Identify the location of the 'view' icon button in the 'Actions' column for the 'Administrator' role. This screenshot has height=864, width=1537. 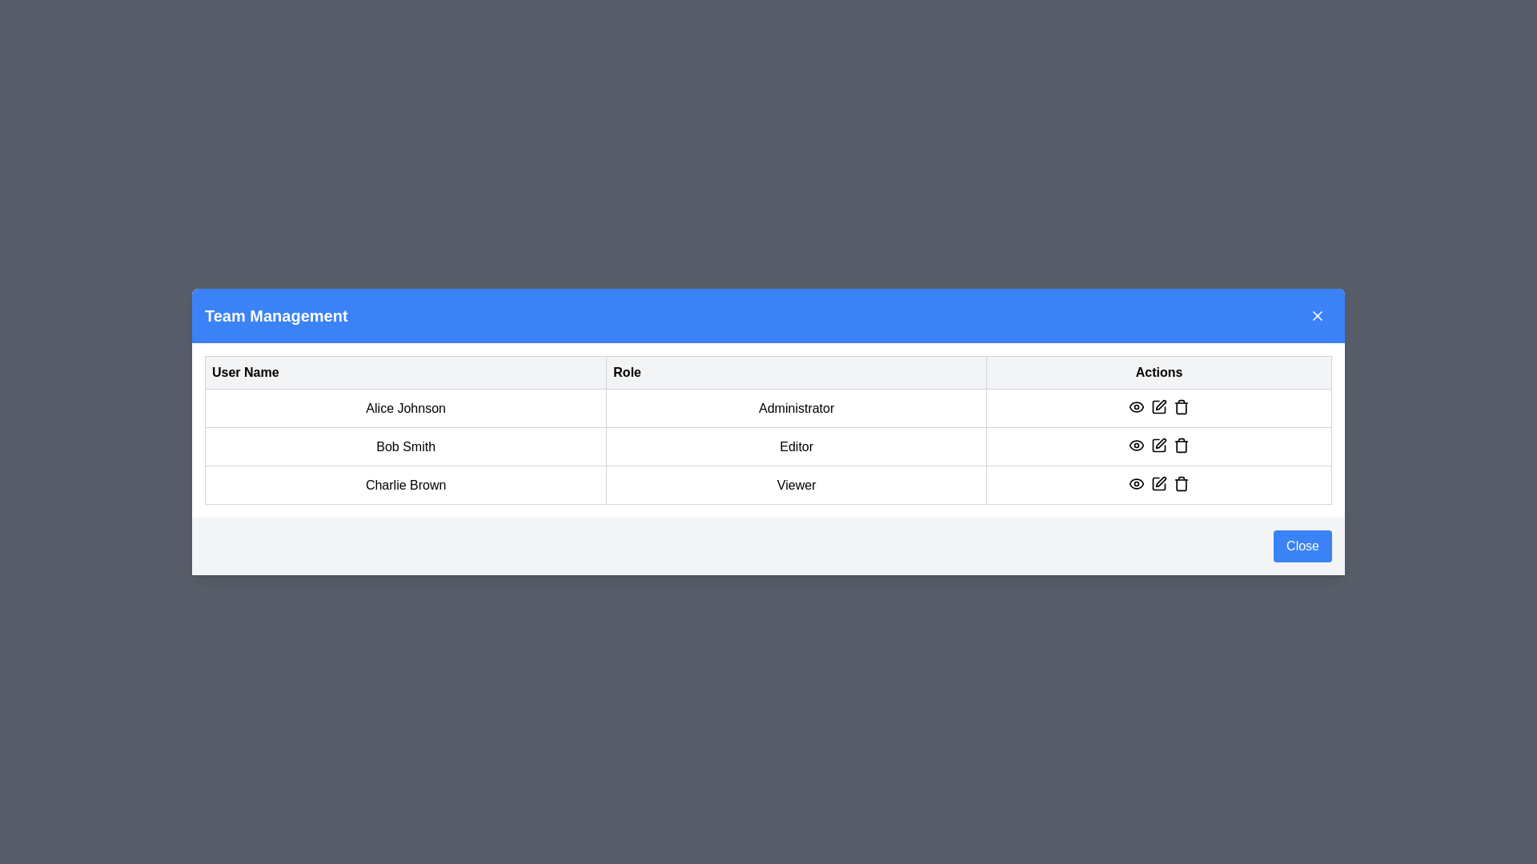
(1136, 406).